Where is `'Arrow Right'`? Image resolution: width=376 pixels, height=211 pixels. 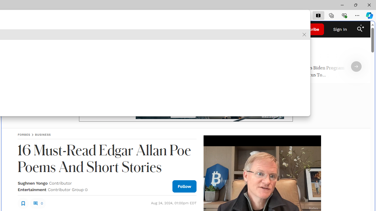 'Arrow Right' is located at coordinates (356, 66).